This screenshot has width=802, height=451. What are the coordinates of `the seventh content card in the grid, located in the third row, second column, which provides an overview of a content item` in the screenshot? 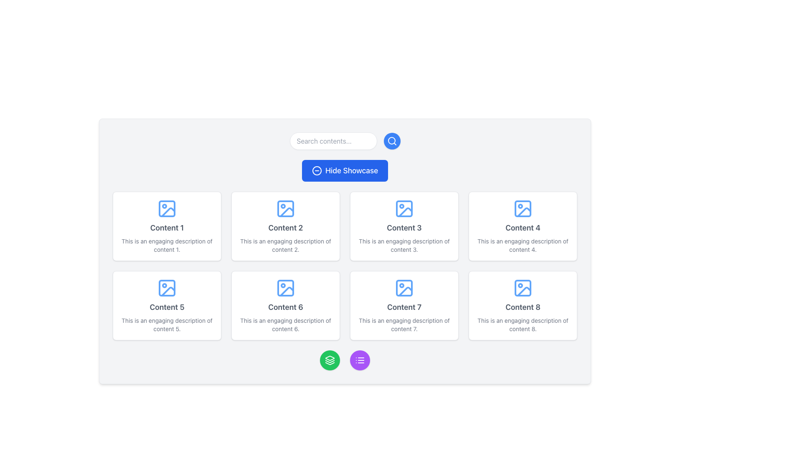 It's located at (404, 306).